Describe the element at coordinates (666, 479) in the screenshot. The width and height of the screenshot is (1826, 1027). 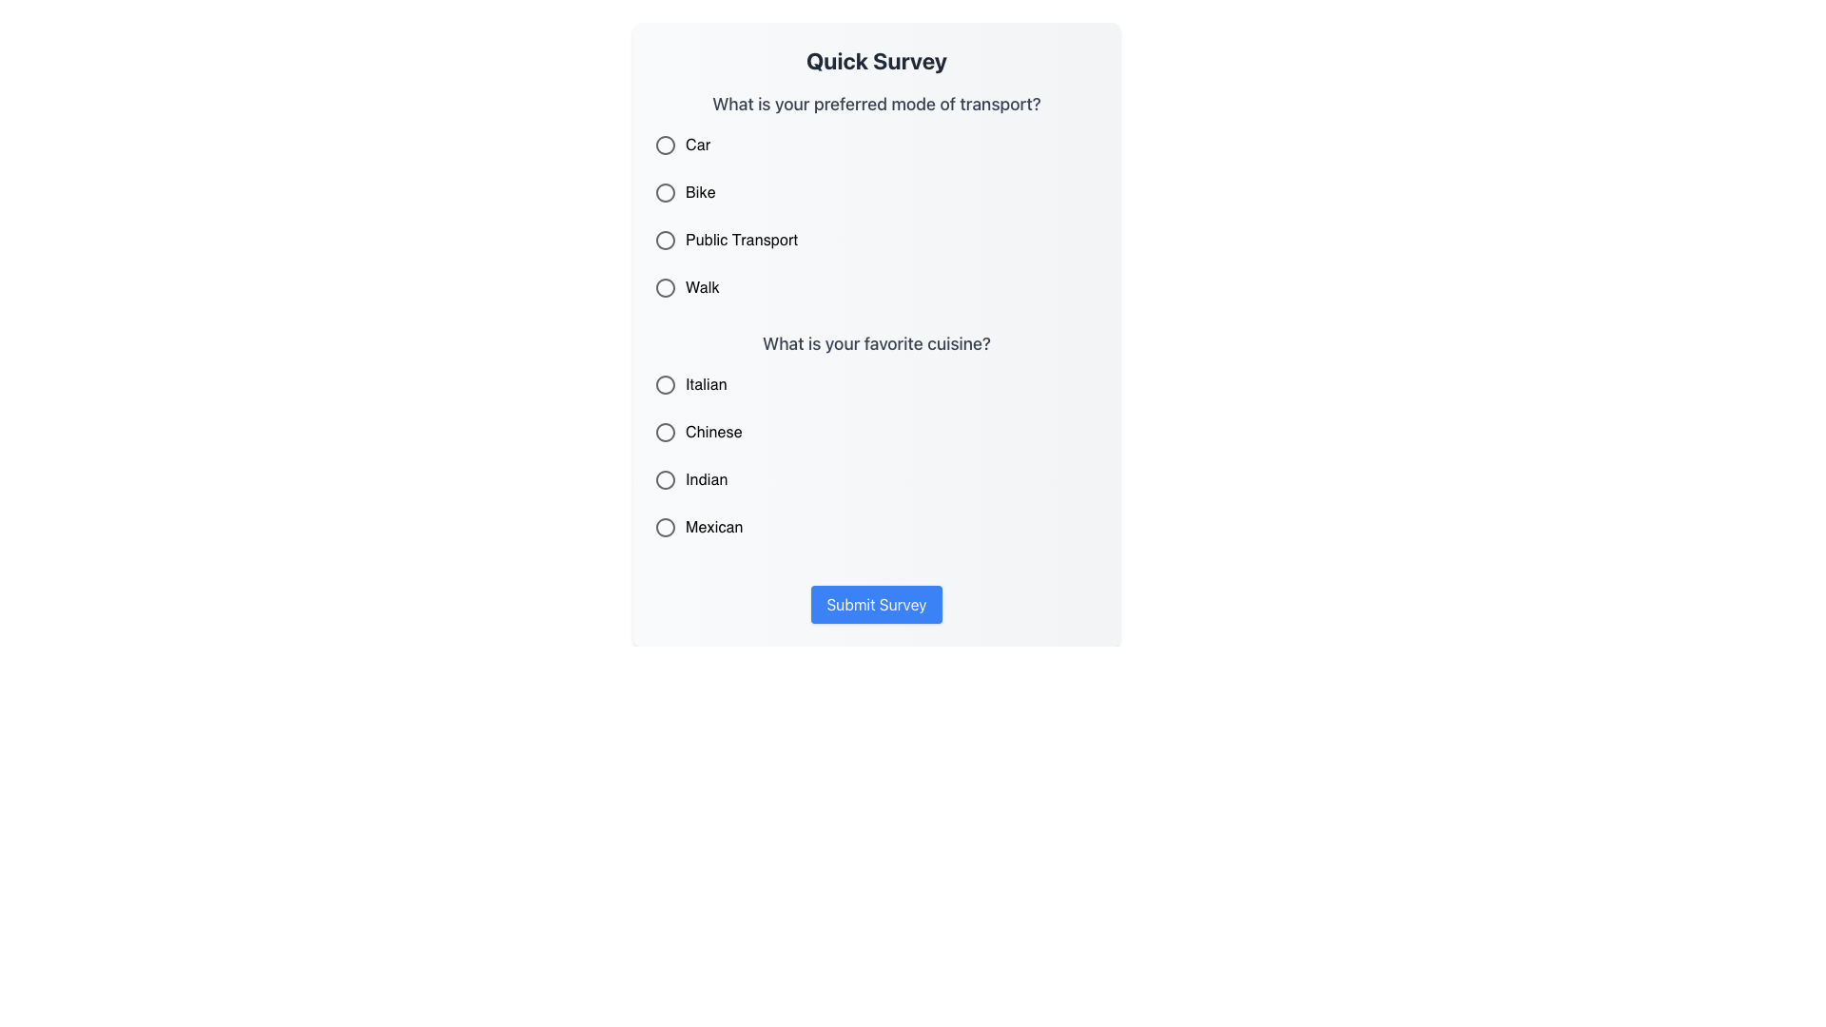
I see `the third radio button in the second question of the survey` at that location.